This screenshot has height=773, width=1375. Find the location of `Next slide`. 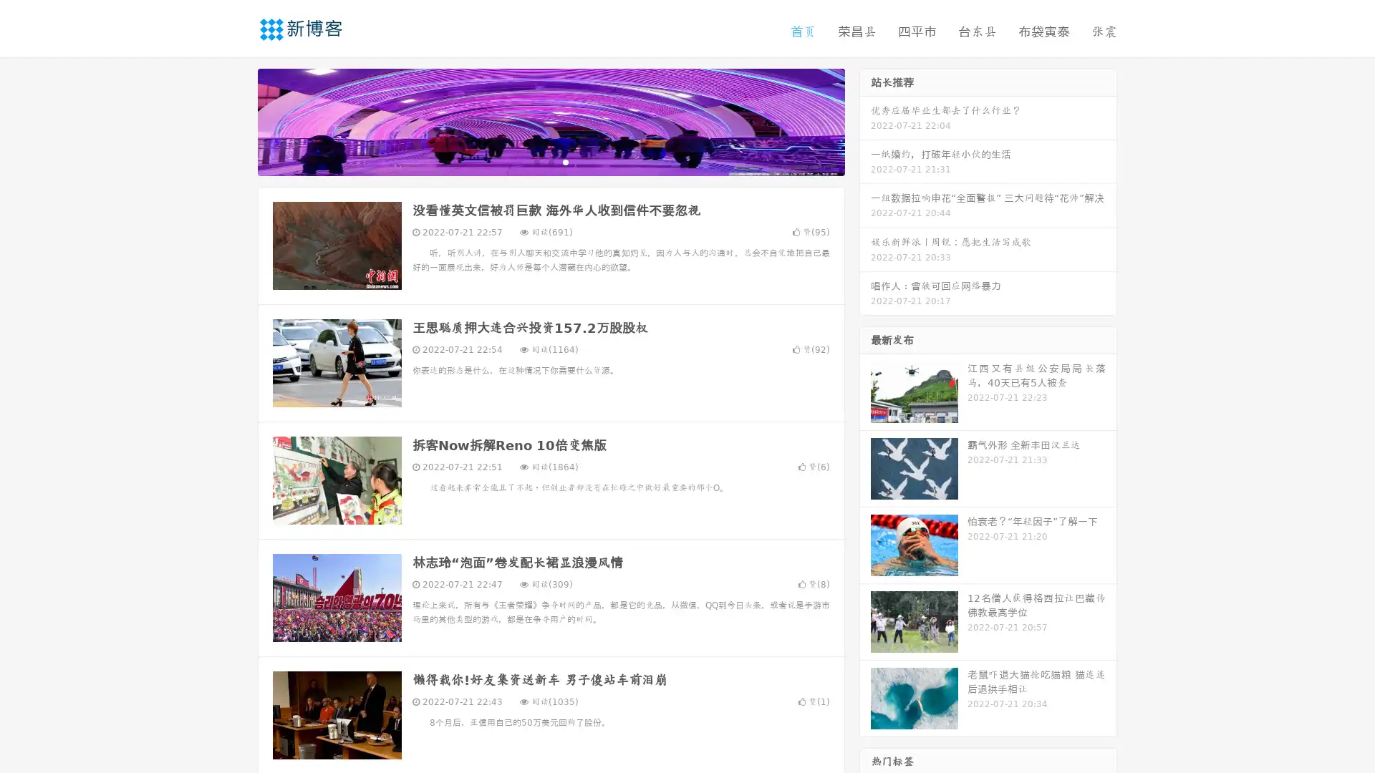

Next slide is located at coordinates (865, 120).